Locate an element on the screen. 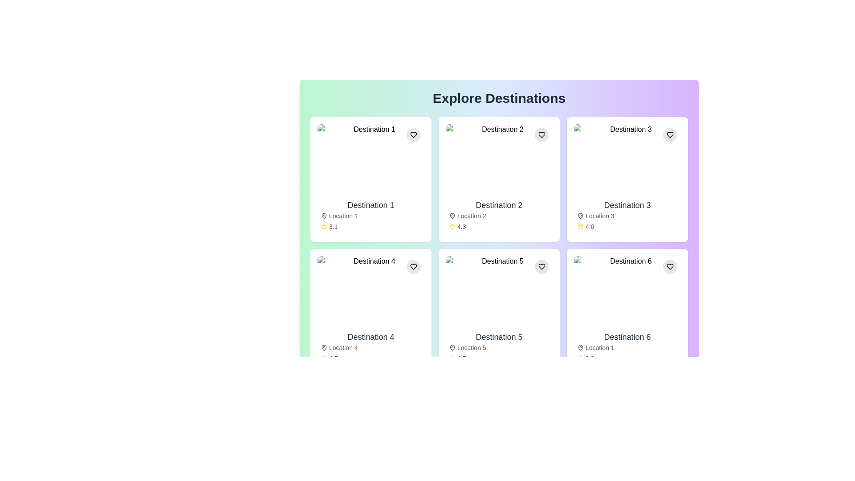  the favorite button located in the top-right corner of the card labeled 'Destination 5' to change its background color is located at coordinates (541, 266).